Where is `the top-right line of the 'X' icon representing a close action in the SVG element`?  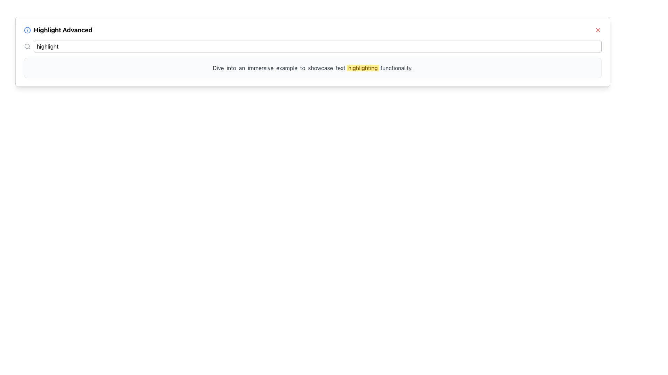 the top-right line of the 'X' icon representing a close action in the SVG element is located at coordinates (597, 30).